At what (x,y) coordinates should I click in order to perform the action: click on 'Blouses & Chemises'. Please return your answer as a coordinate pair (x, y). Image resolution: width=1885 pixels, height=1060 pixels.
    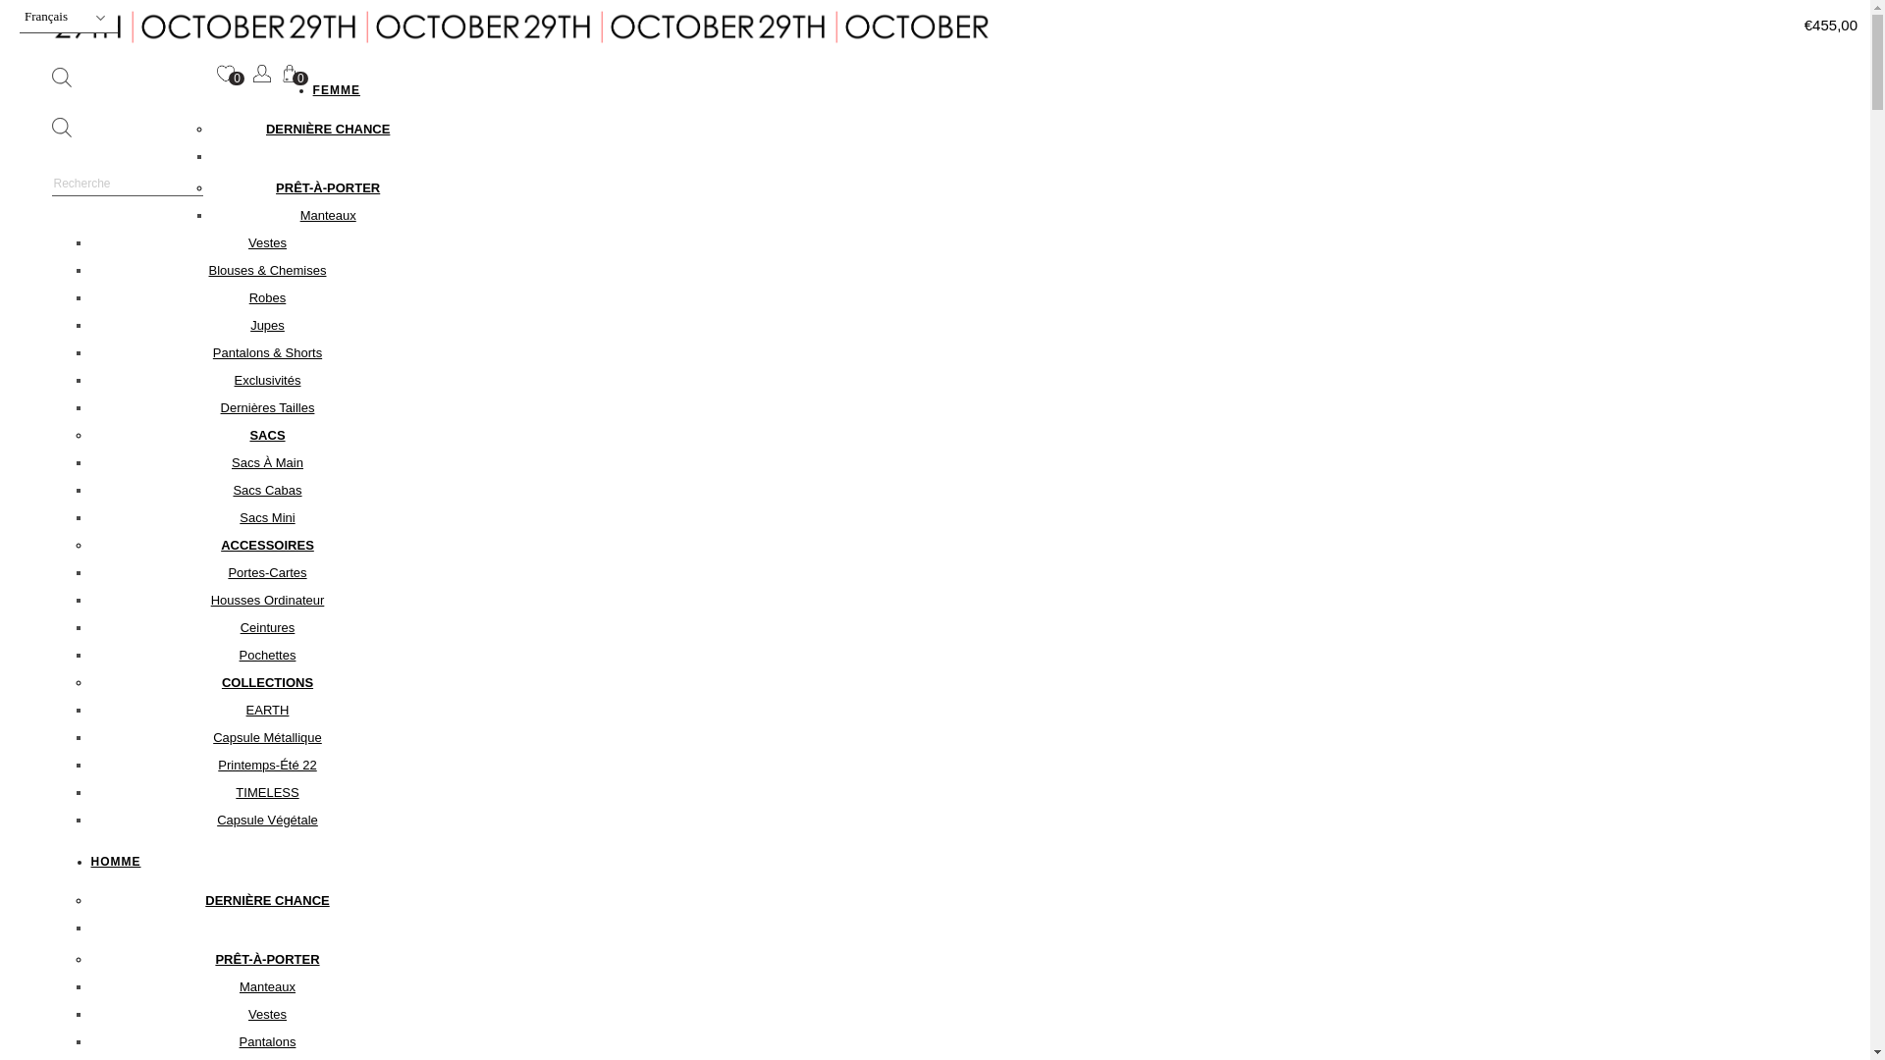
    Looking at the image, I should click on (267, 270).